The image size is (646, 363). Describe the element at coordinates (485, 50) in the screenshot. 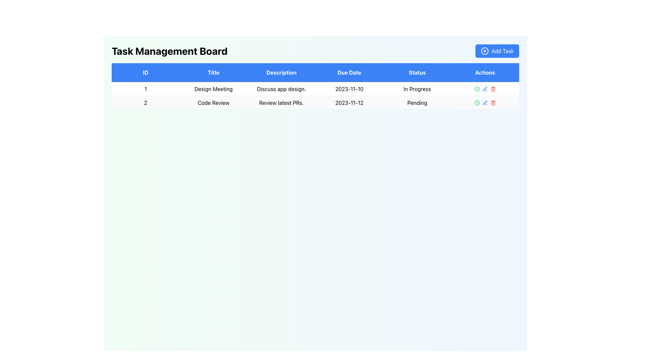

I see `the Decorative Icon within the 'Add Task' button, located to the left of the text label 'Add Task' at the top-right corner of the interface` at that location.